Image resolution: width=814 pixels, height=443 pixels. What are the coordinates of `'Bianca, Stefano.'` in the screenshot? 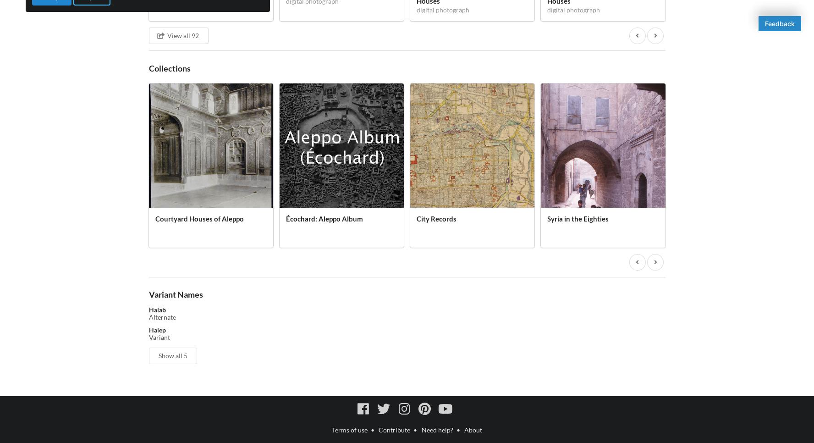 It's located at (171, 434).